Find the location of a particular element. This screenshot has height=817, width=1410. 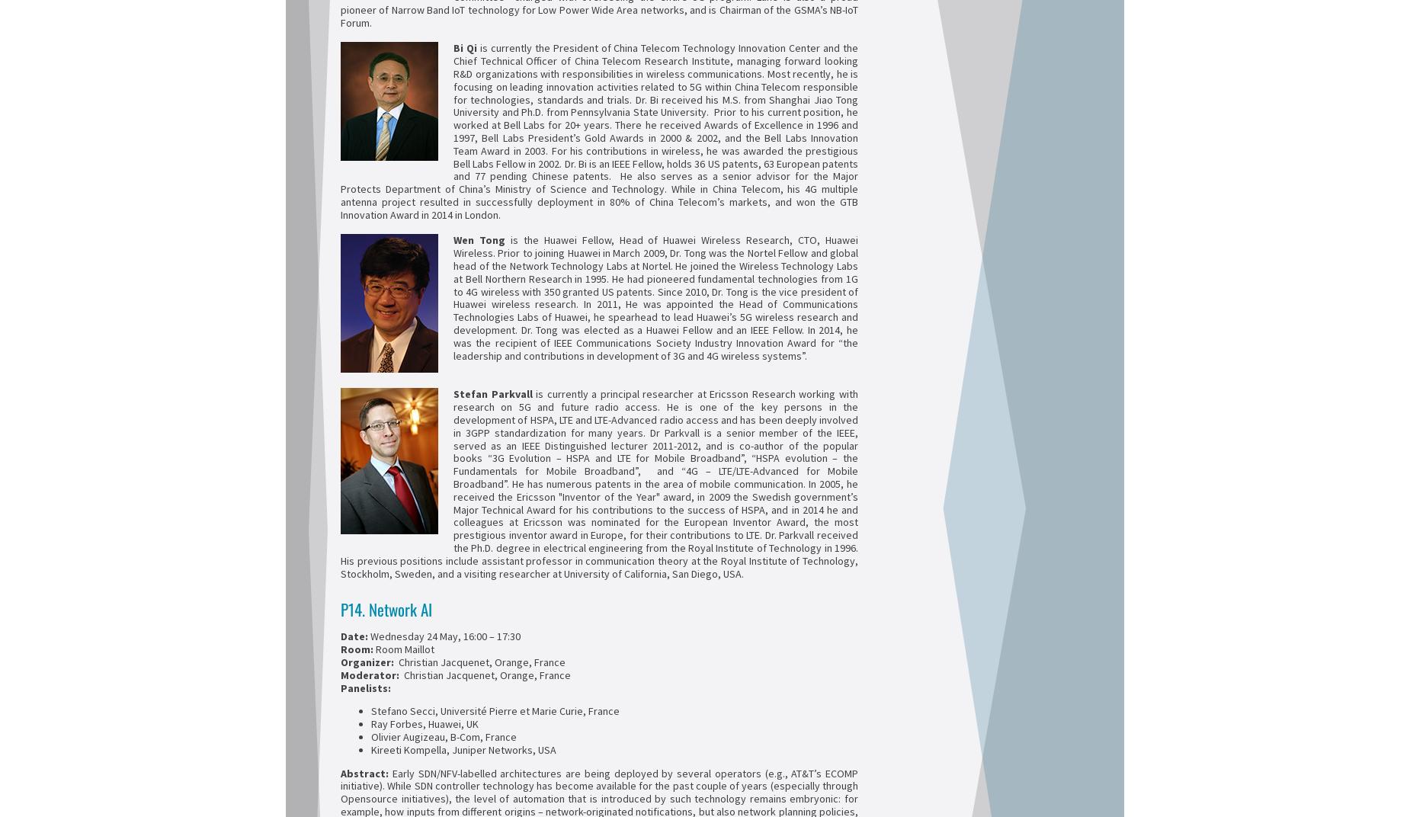

'is currently a principal researcher at Ericsson Research working with research on 5G and future radio access. He is one of the key persons in the development of HSPA, LTE and LTE-Advanced radio access and has been deeply involved in 3GPP standardization for many years. Dr Parkvall is a senior member of the IEEE, served as an IEEE Distinguished lecturer 2011-2012, and is co-author of the popular books “3G Evolution – HSPA and LTE for Mobile Broadband”, “HSPA evolution – the Fundamentals for Mobile Broadband”,  and “4G – LTE/LTE-Advanced for Mobile Broadband”. He has numerous patents in the area of mobile communication. In 2005, he received the Ericsson "Inventor of the Year" award, in 2009 the Swedish government’s Major Technical Award for his contributions to the success of HSPA, and in 2014 he and colleagues at Ericsson was nominated for the European Inventor Award, the most prestigious inventor award in Europe, for their contributions to LTE. Dr. Parkvall received the Ph.D. degree in electrical engineering from the Royal Institute of Technology in 1996. His previous positions include assistant professor in communication theory at the Royal Institute of Technology, Stockholm, Sweden, and a visiting researcher at University of California, San Diego, USA.' is located at coordinates (339, 483).